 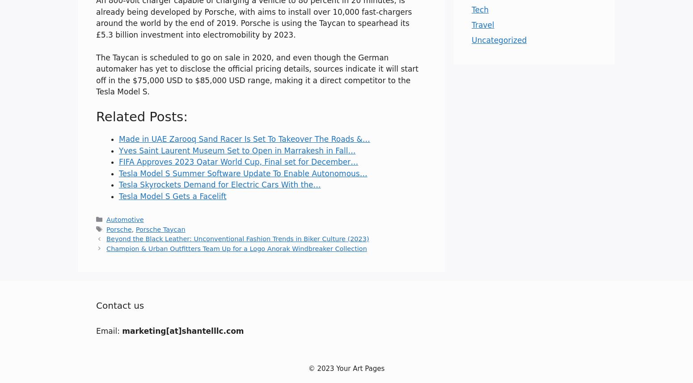 What do you see at coordinates (95, 330) in the screenshot?
I see `'Email:'` at bounding box center [95, 330].